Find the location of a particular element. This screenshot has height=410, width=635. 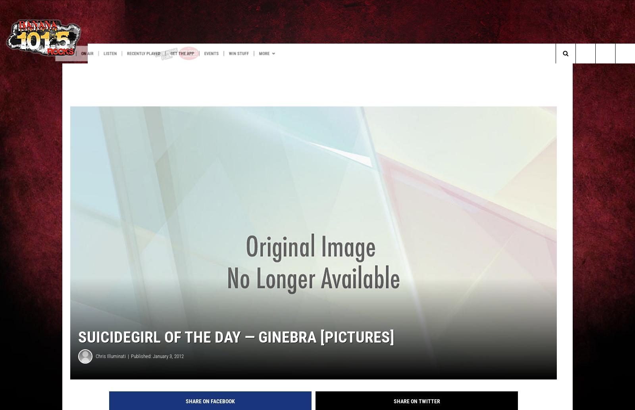

'Listen' is located at coordinates (158, 54).